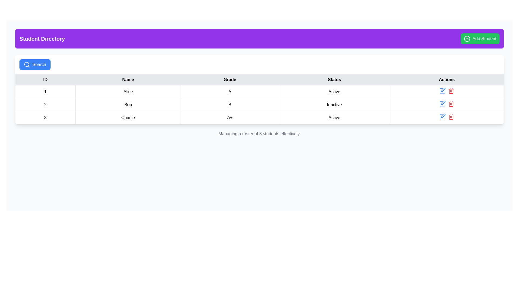 Image resolution: width=519 pixels, height=291 pixels. I want to click on the third table row containing data about the student named Charlie, so click(259, 117).